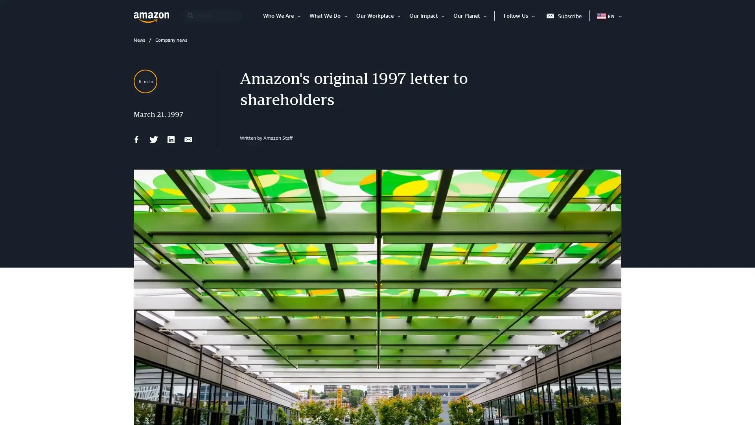 The image size is (755, 425). What do you see at coordinates (444, 15) in the screenshot?
I see `Open Item` at bounding box center [444, 15].